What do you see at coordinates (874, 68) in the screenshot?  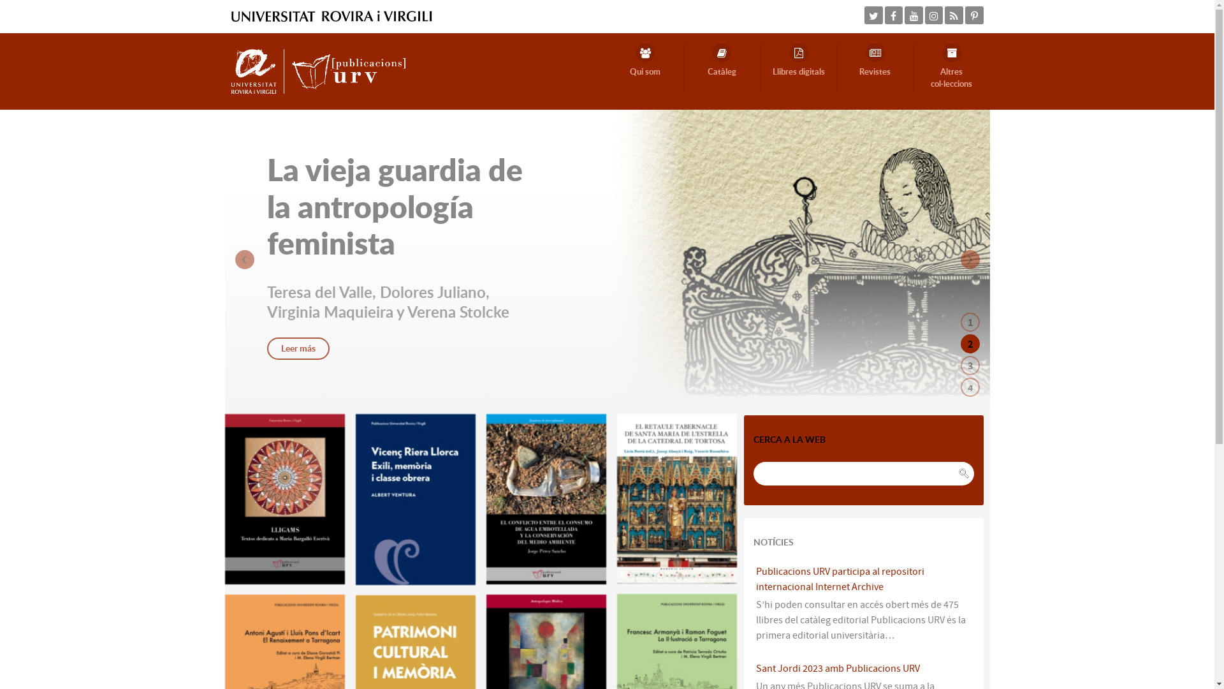 I see `'Revistes'` at bounding box center [874, 68].